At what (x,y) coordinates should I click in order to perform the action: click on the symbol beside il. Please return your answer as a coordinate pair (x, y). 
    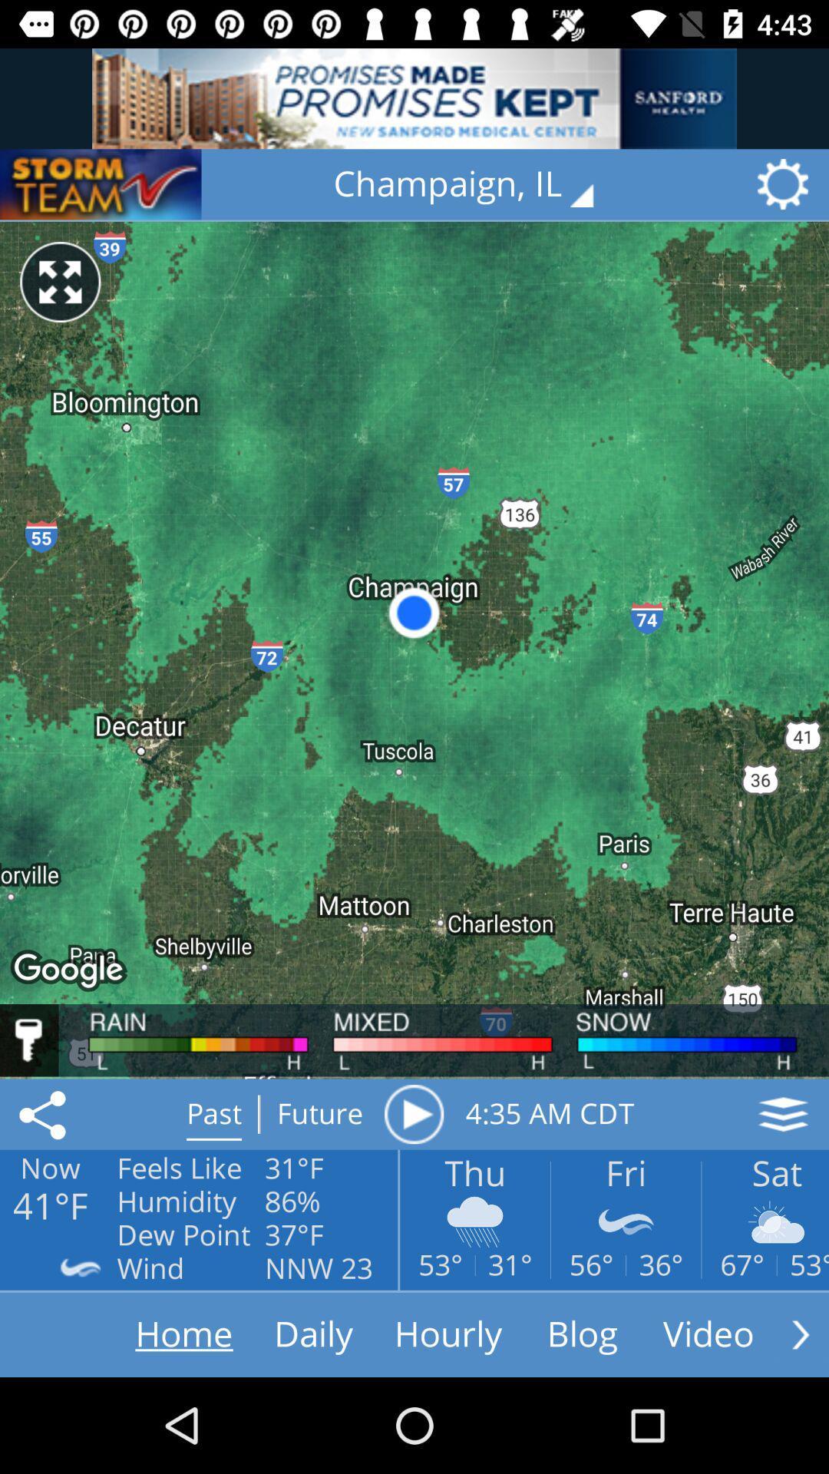
    Looking at the image, I should click on (788, 184).